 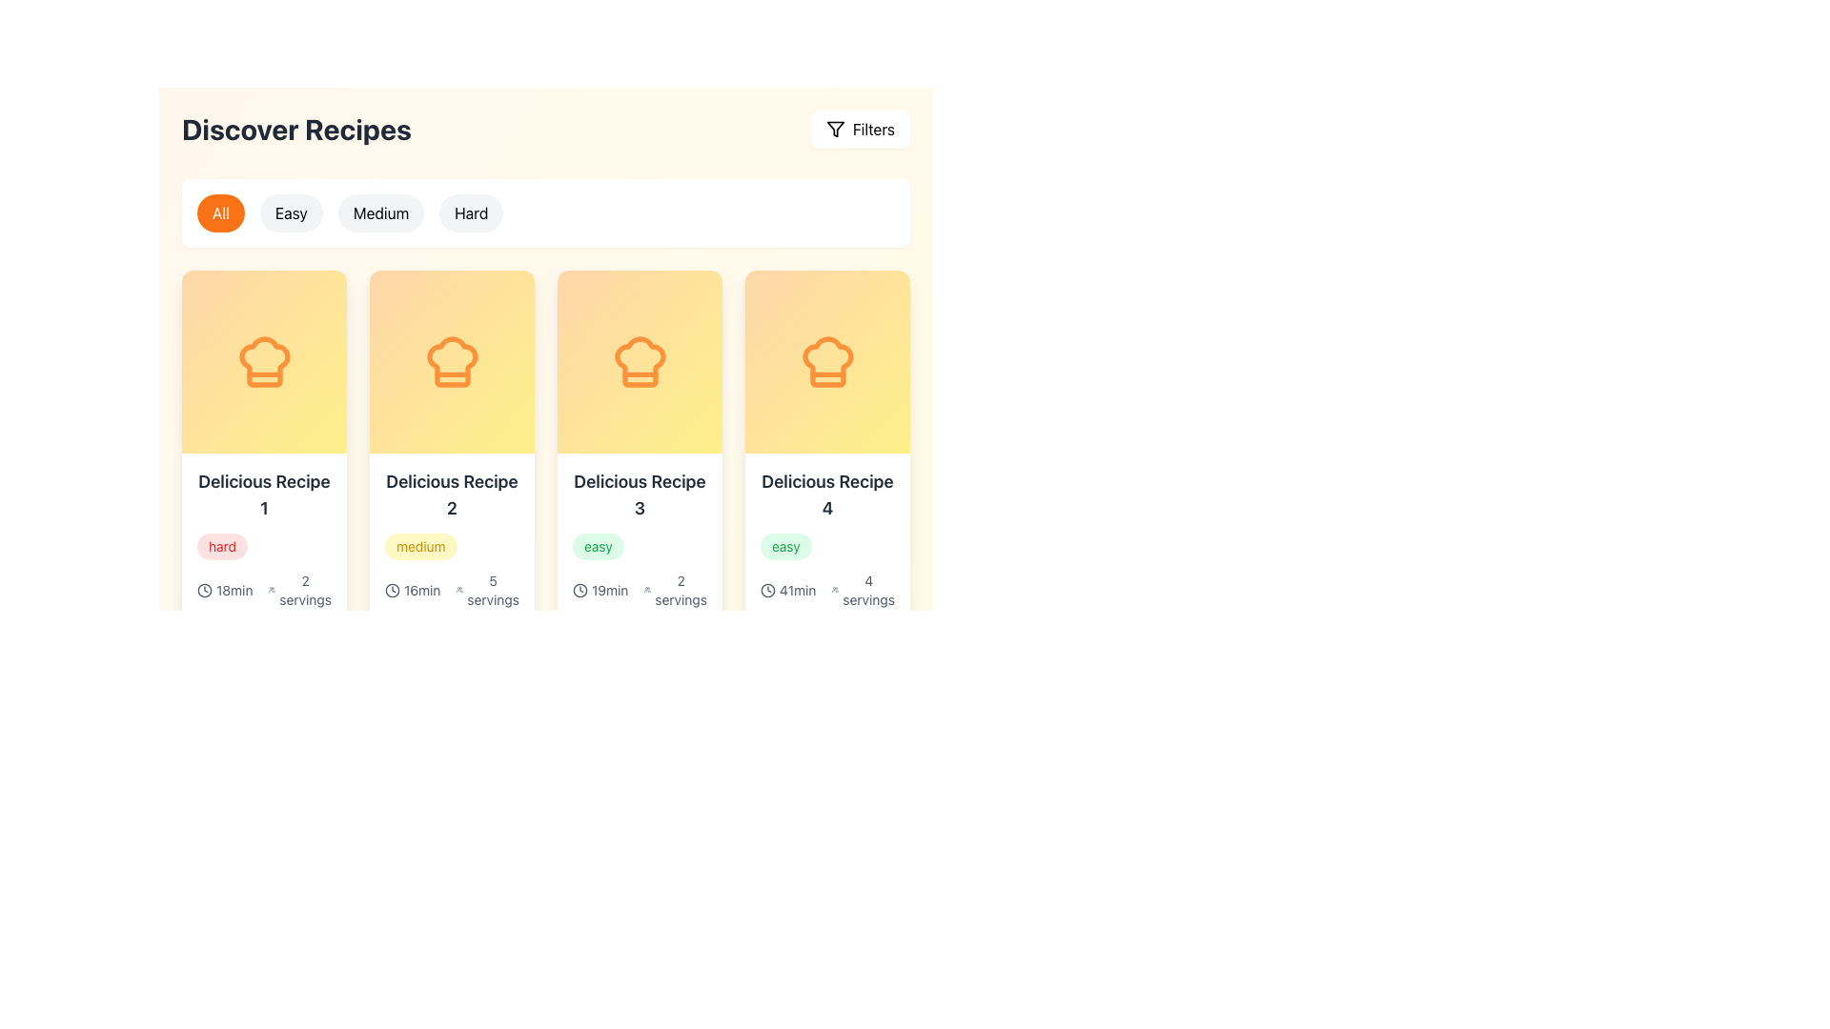 I want to click on the 'All' filter button located under the 'Discover Recipes' heading to make it active, so click(x=544, y=212).